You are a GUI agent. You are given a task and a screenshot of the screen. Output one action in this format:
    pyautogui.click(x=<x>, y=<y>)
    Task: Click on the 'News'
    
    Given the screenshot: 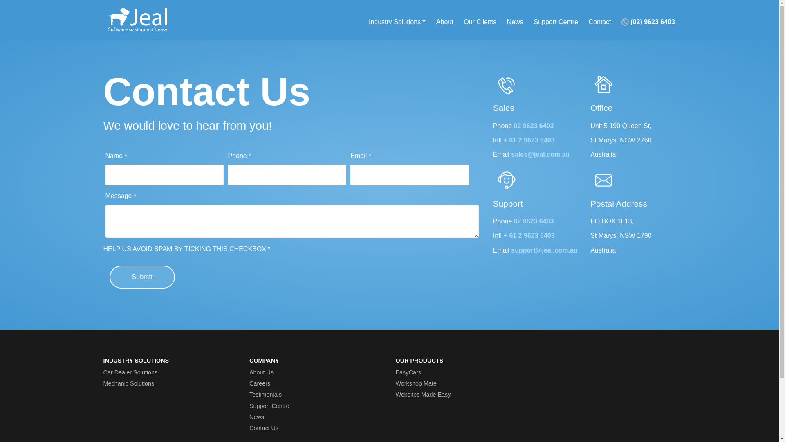 What is the action you would take?
    pyautogui.click(x=514, y=21)
    